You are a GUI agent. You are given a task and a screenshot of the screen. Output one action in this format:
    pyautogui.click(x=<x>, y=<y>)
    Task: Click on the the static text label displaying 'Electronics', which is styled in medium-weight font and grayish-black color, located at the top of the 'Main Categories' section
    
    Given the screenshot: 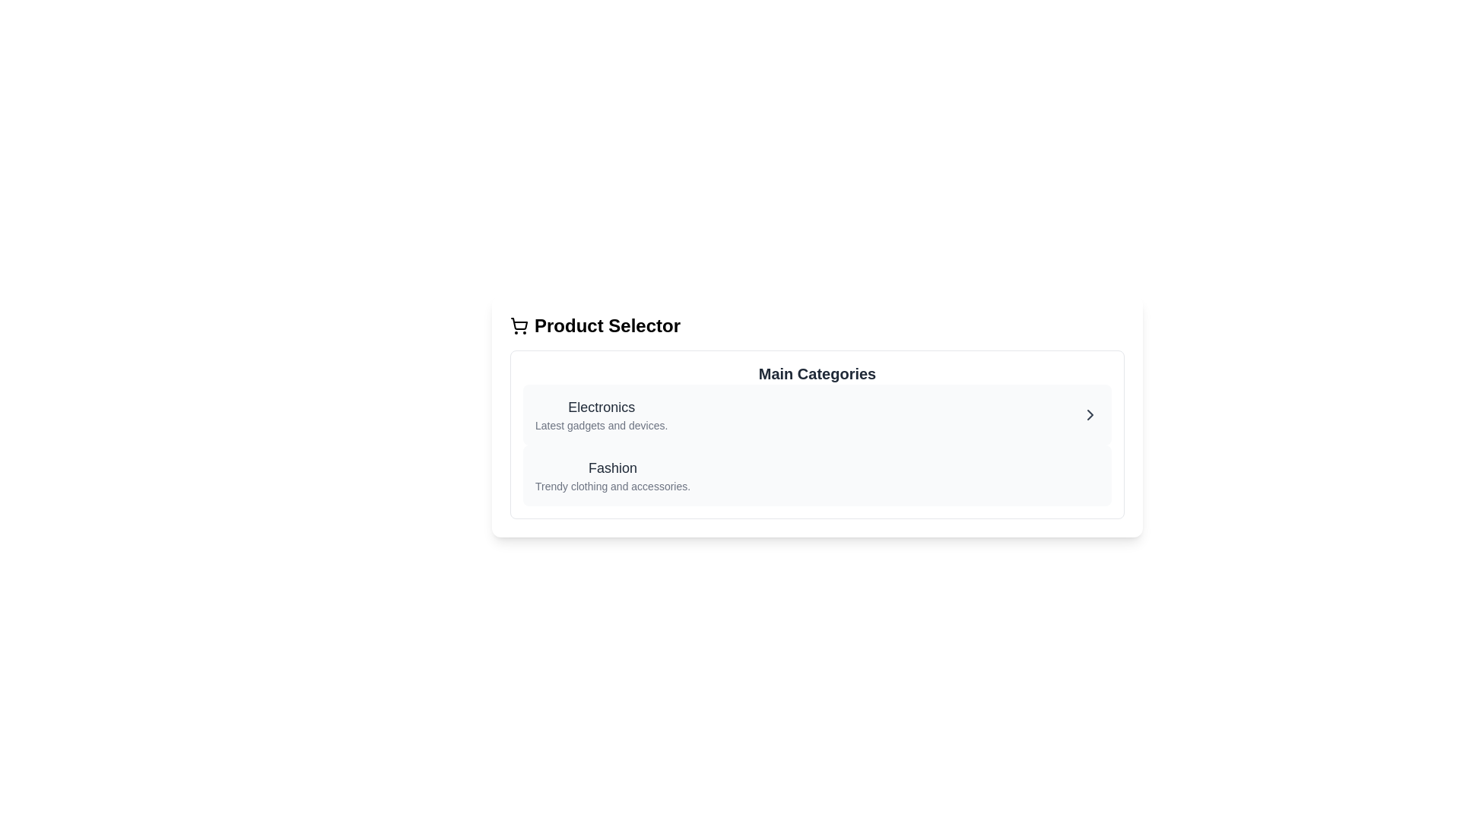 What is the action you would take?
    pyautogui.click(x=601, y=407)
    